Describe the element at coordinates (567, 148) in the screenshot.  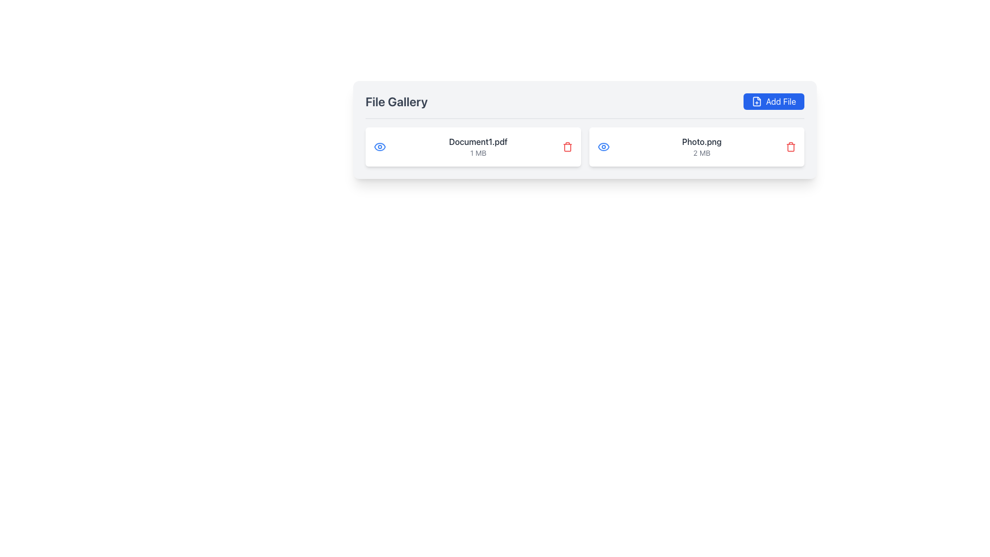
I see `the trash can icon located at the bottom right corner of the item card for 'Document1.pdf'` at that location.